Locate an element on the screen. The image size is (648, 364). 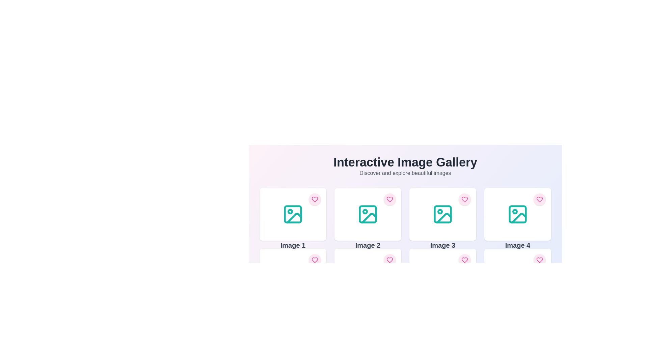
the heart icon in the fourth card of the bottom row of the interactive image gallery is located at coordinates (539, 260).